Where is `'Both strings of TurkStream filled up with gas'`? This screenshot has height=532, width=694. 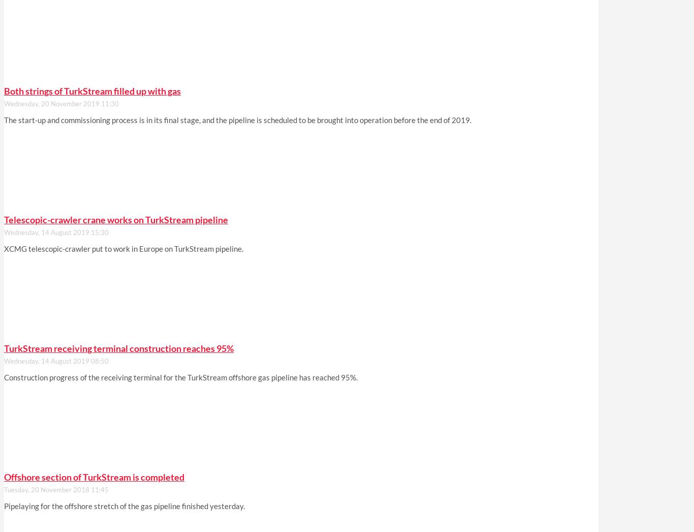 'Both strings of TurkStream filled up with gas' is located at coordinates (91, 91).